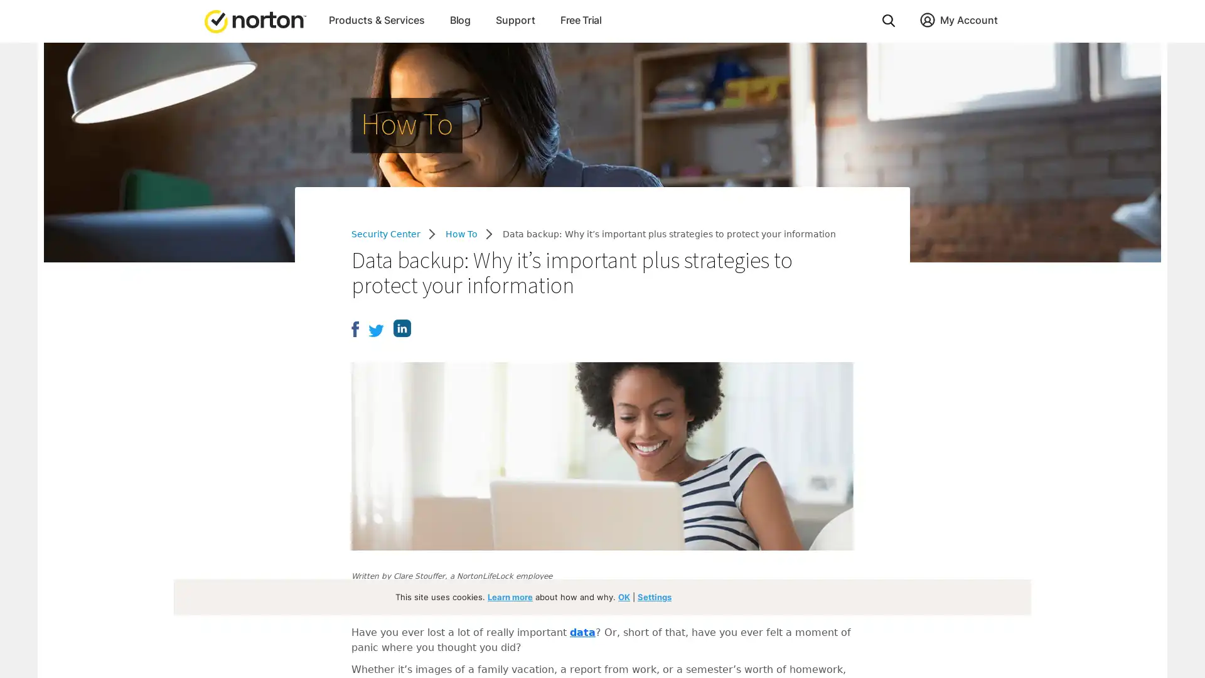 This screenshot has height=678, width=1205. I want to click on No Thanks, so click(106, 544).